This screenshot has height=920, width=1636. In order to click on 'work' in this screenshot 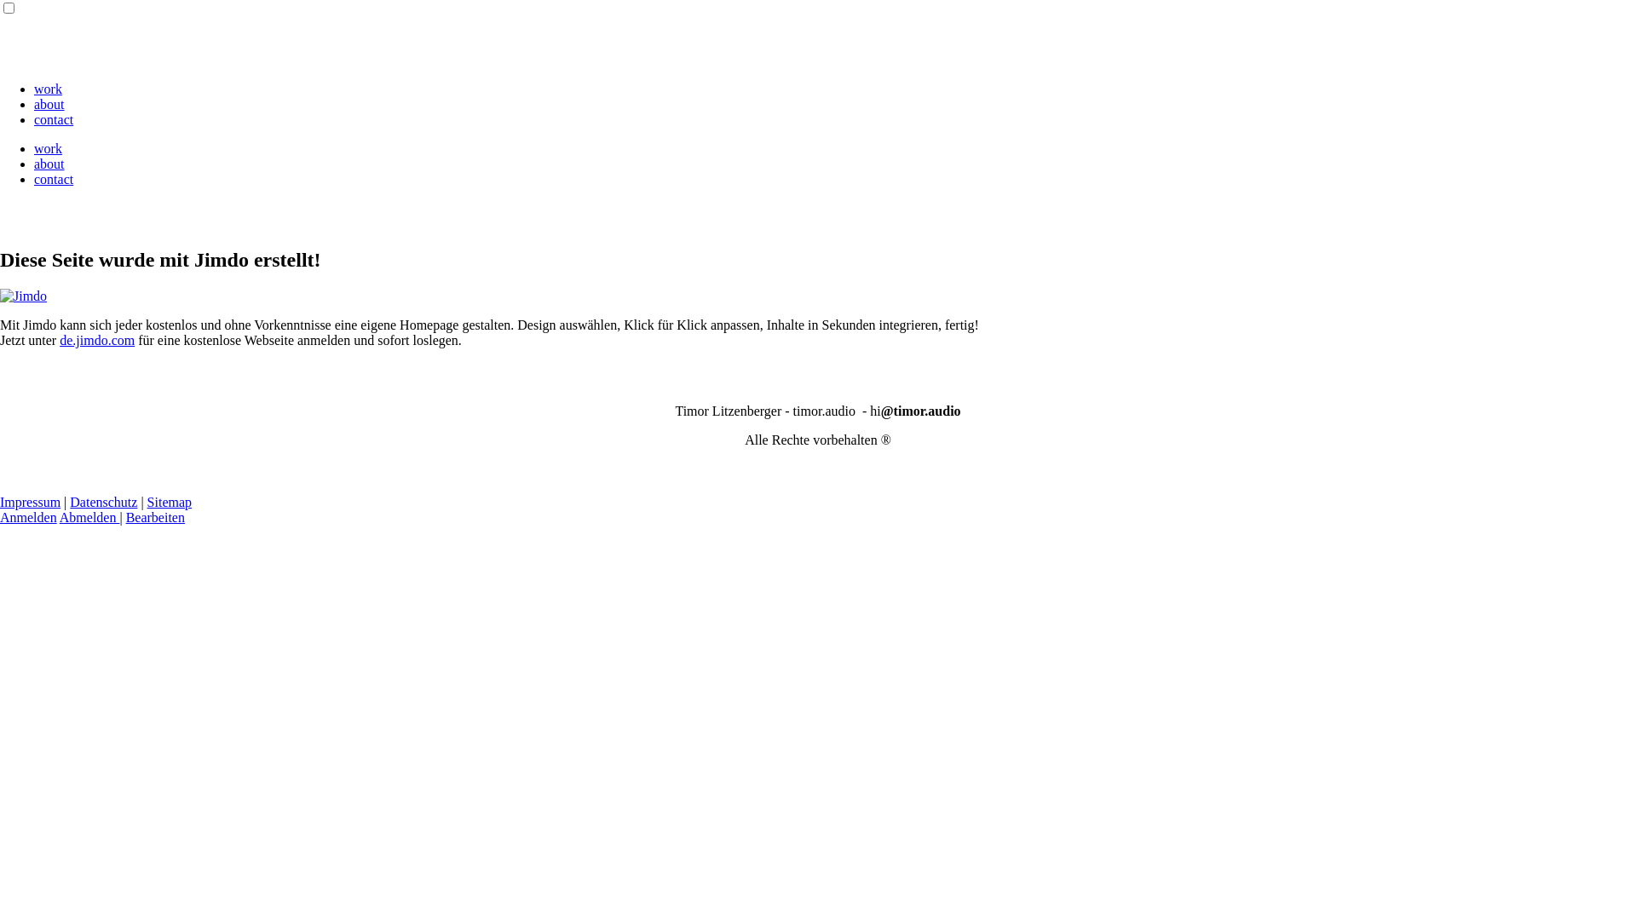, I will do `click(48, 89)`.